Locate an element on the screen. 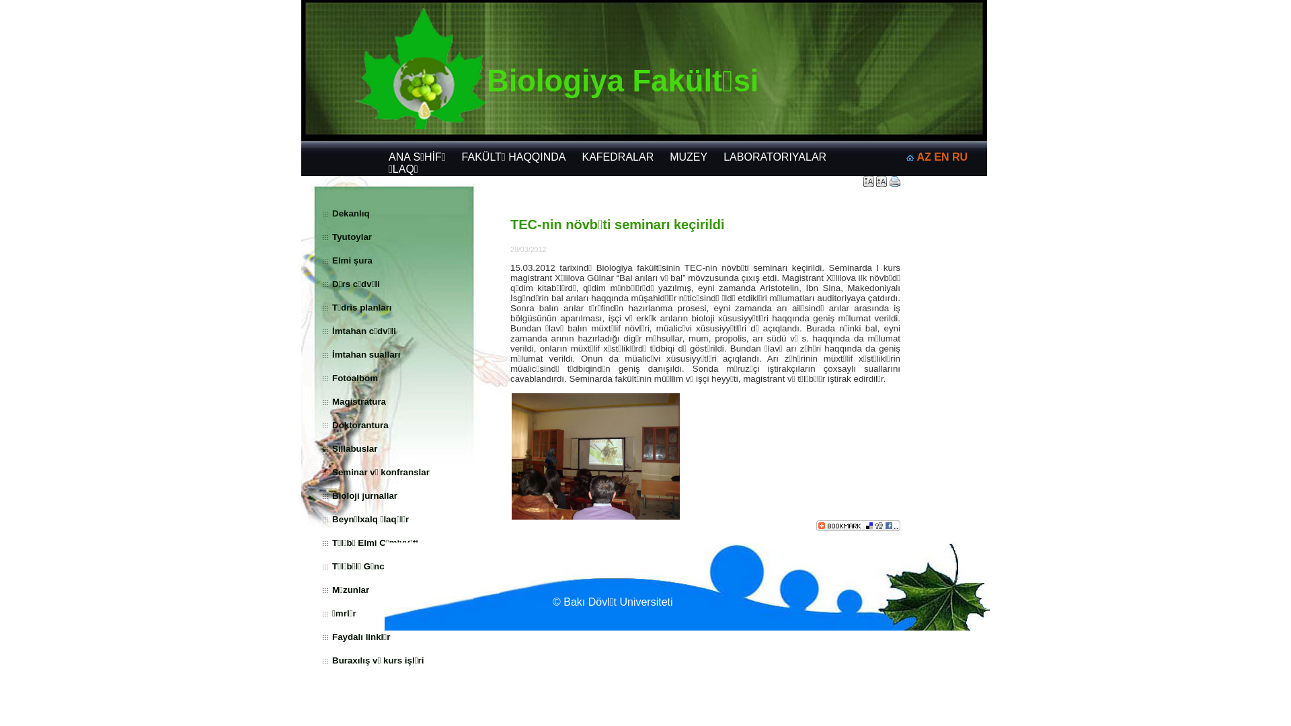  'RU' is located at coordinates (959, 156).